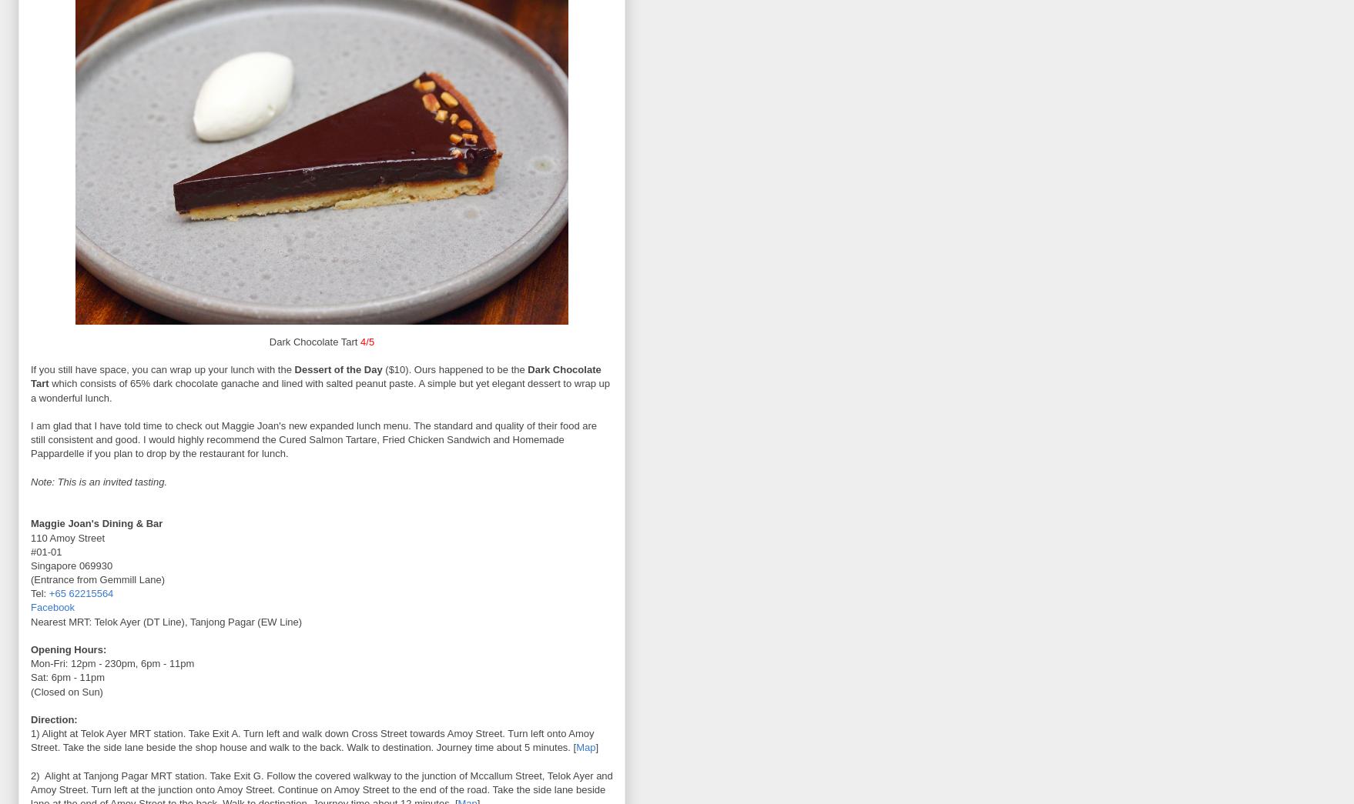 The image size is (1354, 804). What do you see at coordinates (71, 564) in the screenshot?
I see `'Singapore 069930'` at bounding box center [71, 564].